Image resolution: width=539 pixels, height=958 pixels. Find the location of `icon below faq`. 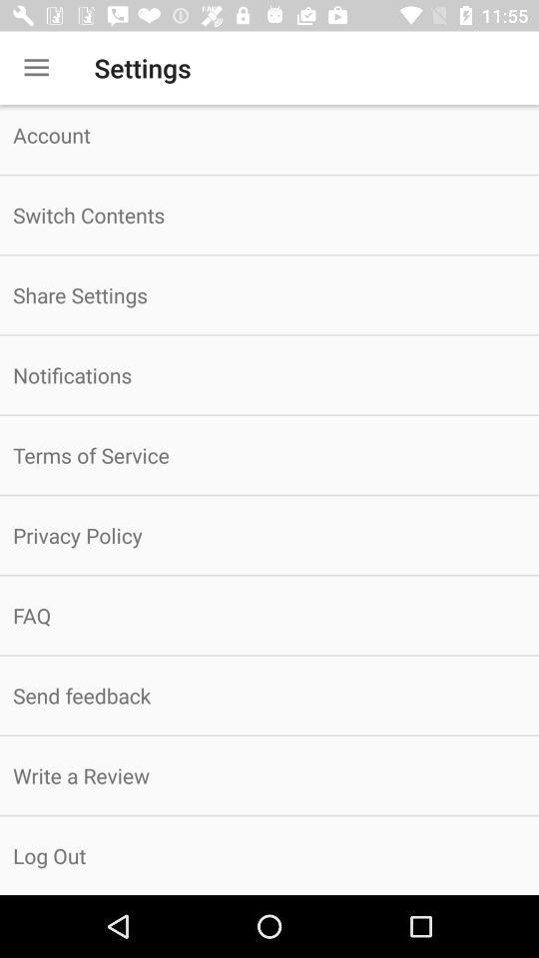

icon below faq is located at coordinates (269, 696).